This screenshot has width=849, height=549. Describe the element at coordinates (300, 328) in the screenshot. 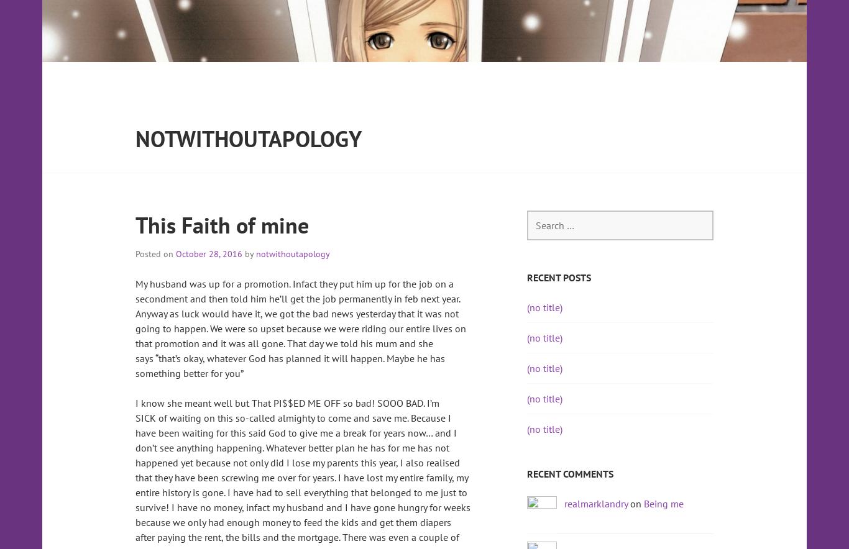

I see `'My husband was up for a promotion. Infact they put him up for the job on a secondment and then told him he’ll get the job permanently in feb next year. Anyway as luck would have it, we got the bad news yesterday that it was not going to happen. We were so upset because we were riding our entire lives on that promotion and it was all gone. That day we told his mum and she says “that’s okay, whatever God has planned it will happen. Maybe he has something better for you”'` at that location.